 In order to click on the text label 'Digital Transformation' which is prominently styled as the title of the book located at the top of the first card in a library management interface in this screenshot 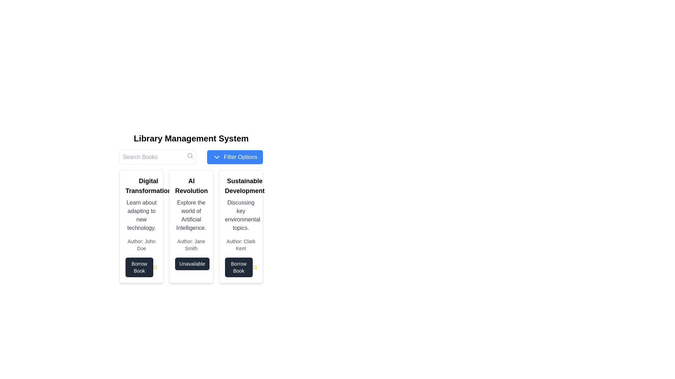, I will do `click(141, 185)`.